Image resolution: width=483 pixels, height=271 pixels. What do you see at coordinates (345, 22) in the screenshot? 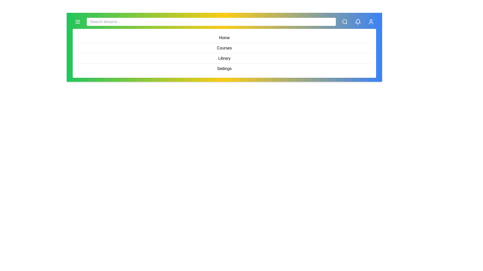
I see `the button Search to see its hover effect` at bounding box center [345, 22].